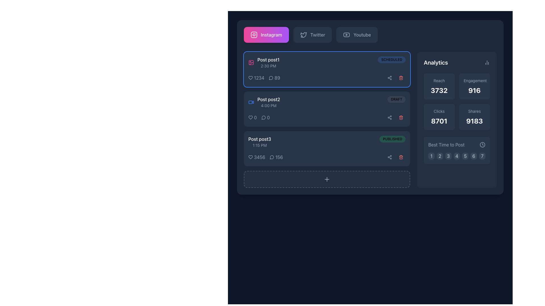 Image resolution: width=545 pixels, height=306 pixels. I want to click on the share icon button, which is a minimalistic design resembling a share symbol within a dark rounded square button located at the top-right corner of the first post's card in the content management interface, so click(389, 117).